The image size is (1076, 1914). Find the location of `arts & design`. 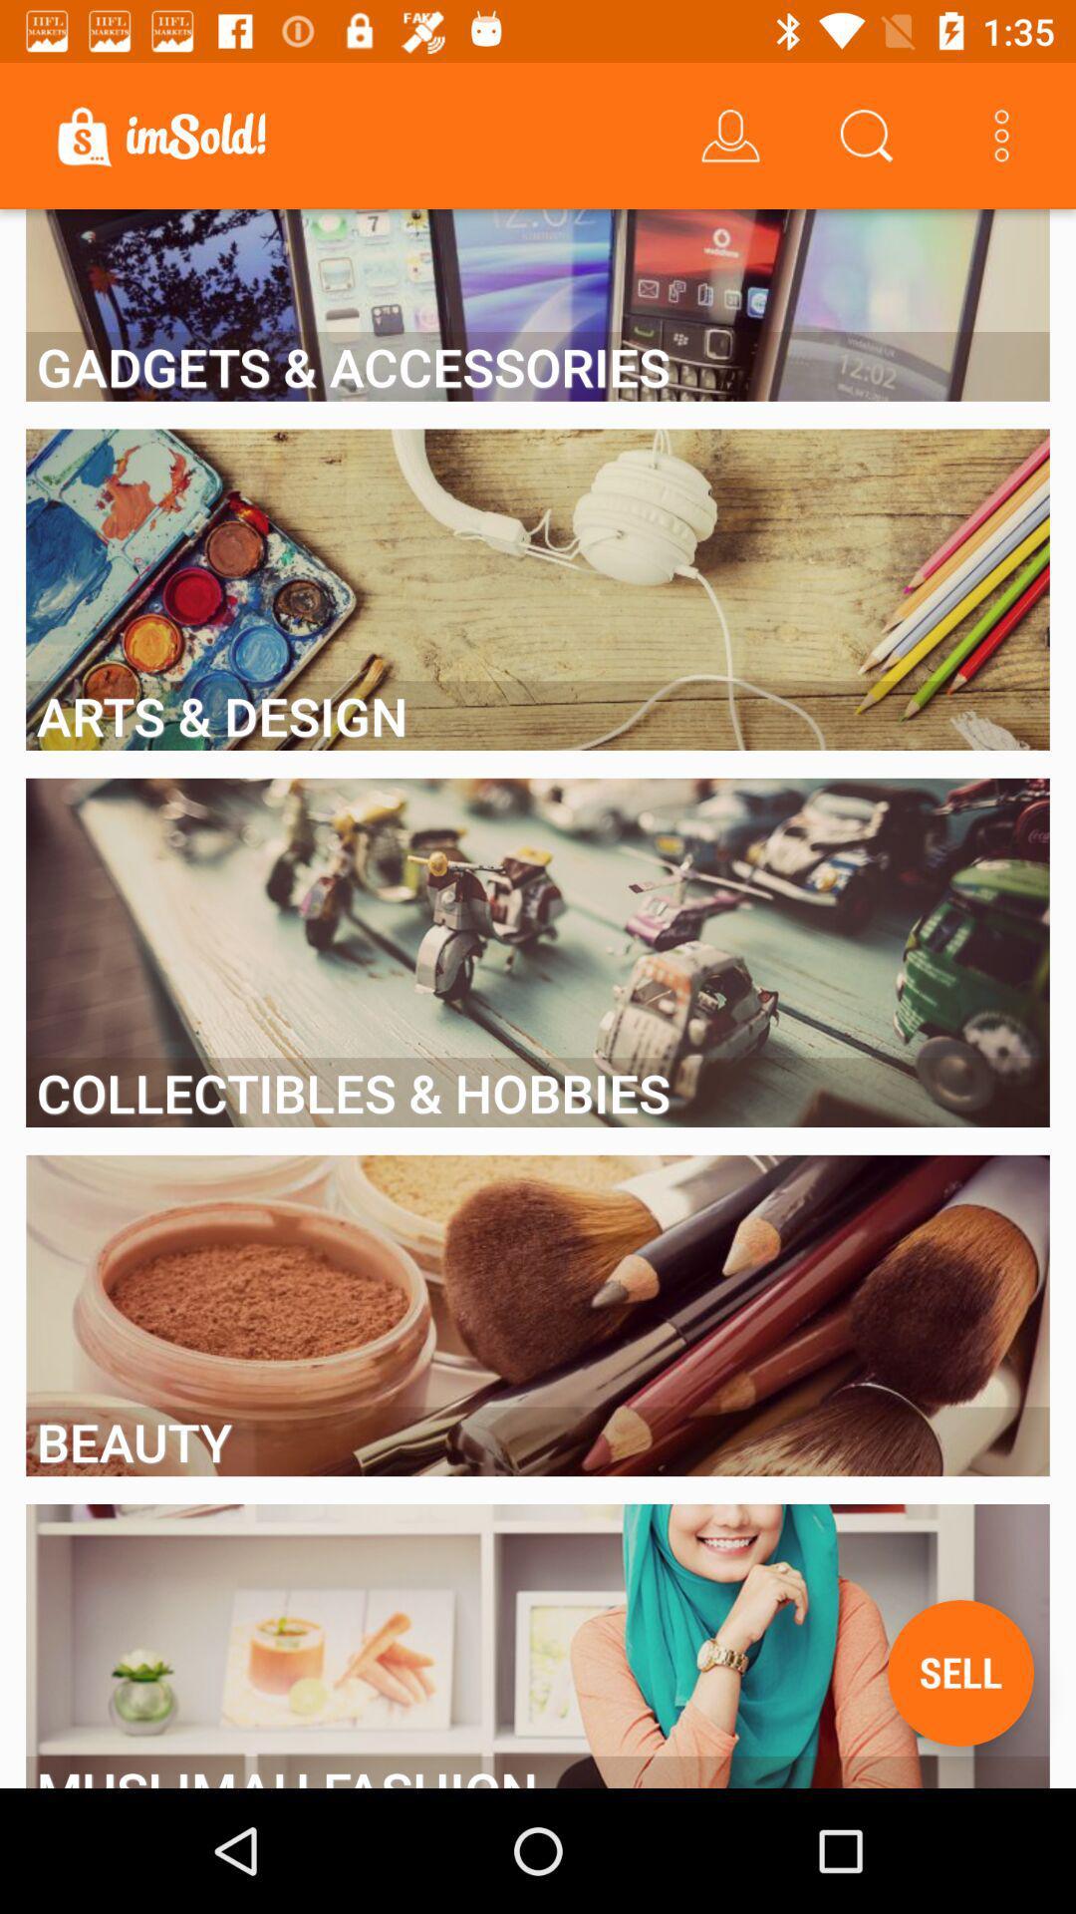

arts & design is located at coordinates (538, 716).